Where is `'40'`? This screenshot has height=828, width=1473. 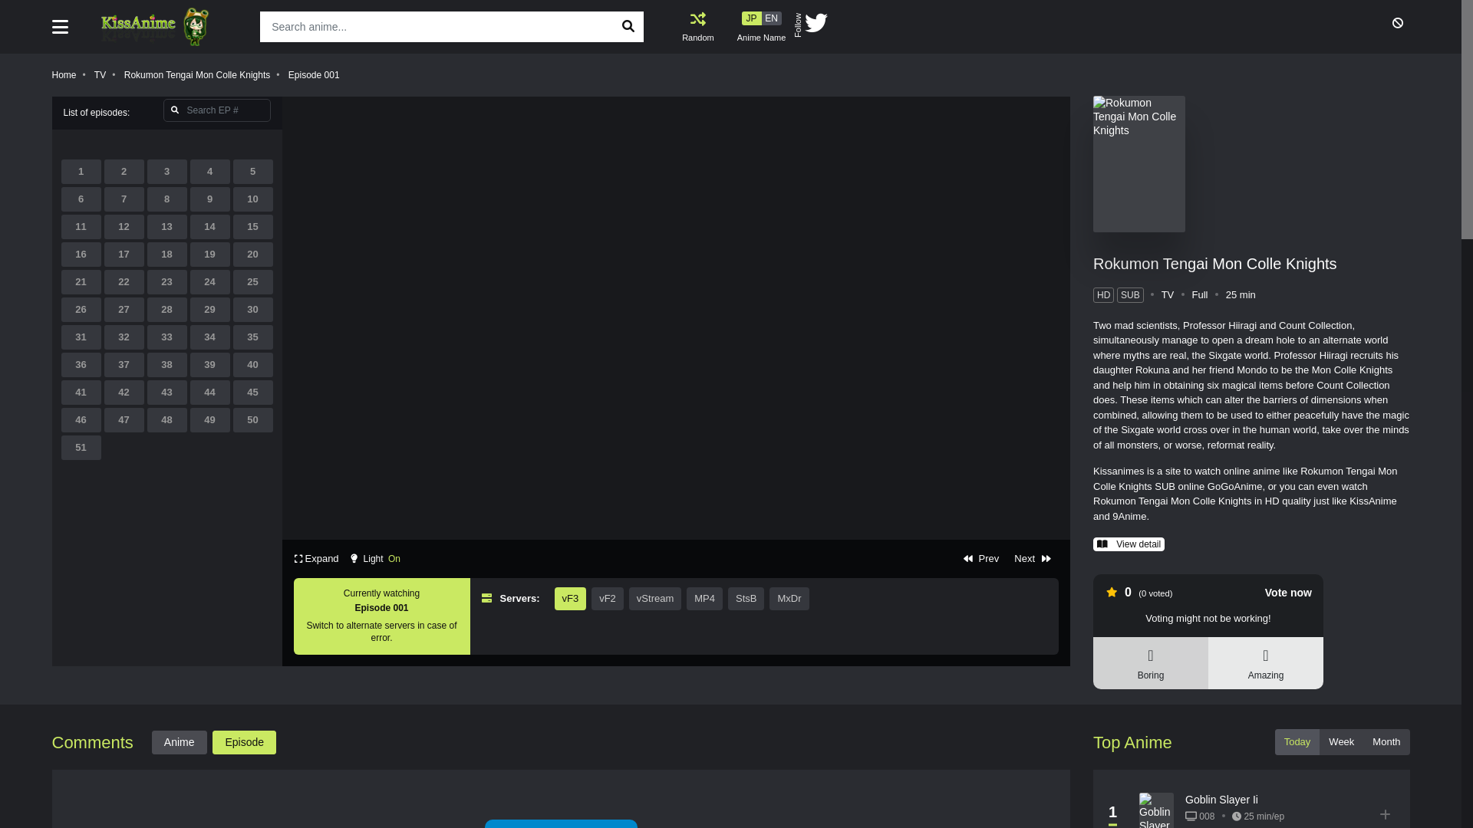
'40' is located at coordinates (253, 364).